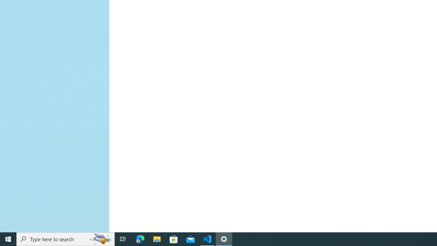 Image resolution: width=437 pixels, height=246 pixels. Describe the element at coordinates (66, 238) in the screenshot. I see `'Type here to search'` at that location.